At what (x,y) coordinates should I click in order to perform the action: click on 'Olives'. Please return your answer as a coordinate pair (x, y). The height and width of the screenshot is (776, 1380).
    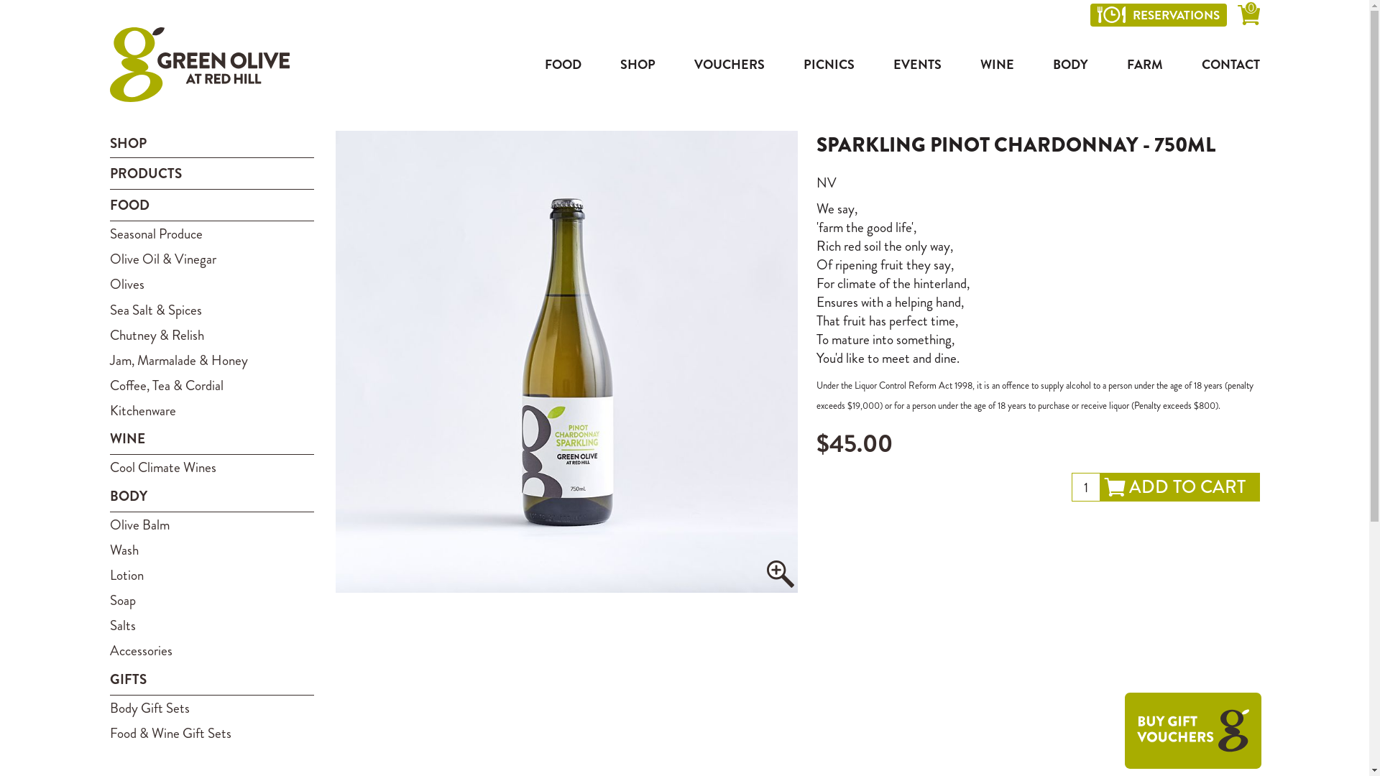
    Looking at the image, I should click on (211, 284).